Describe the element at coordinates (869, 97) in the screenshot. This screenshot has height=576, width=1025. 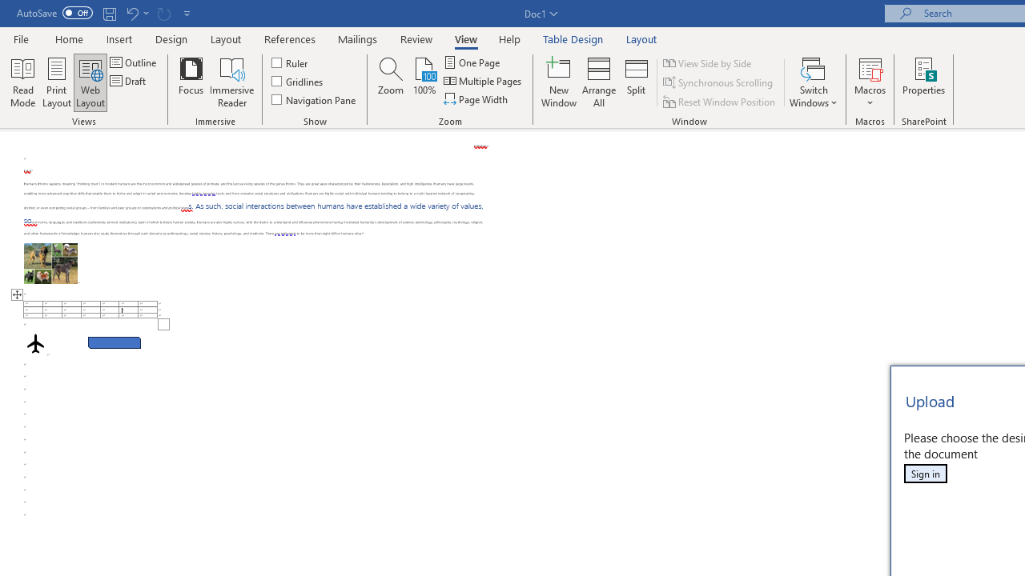
I see `'More Options'` at that location.